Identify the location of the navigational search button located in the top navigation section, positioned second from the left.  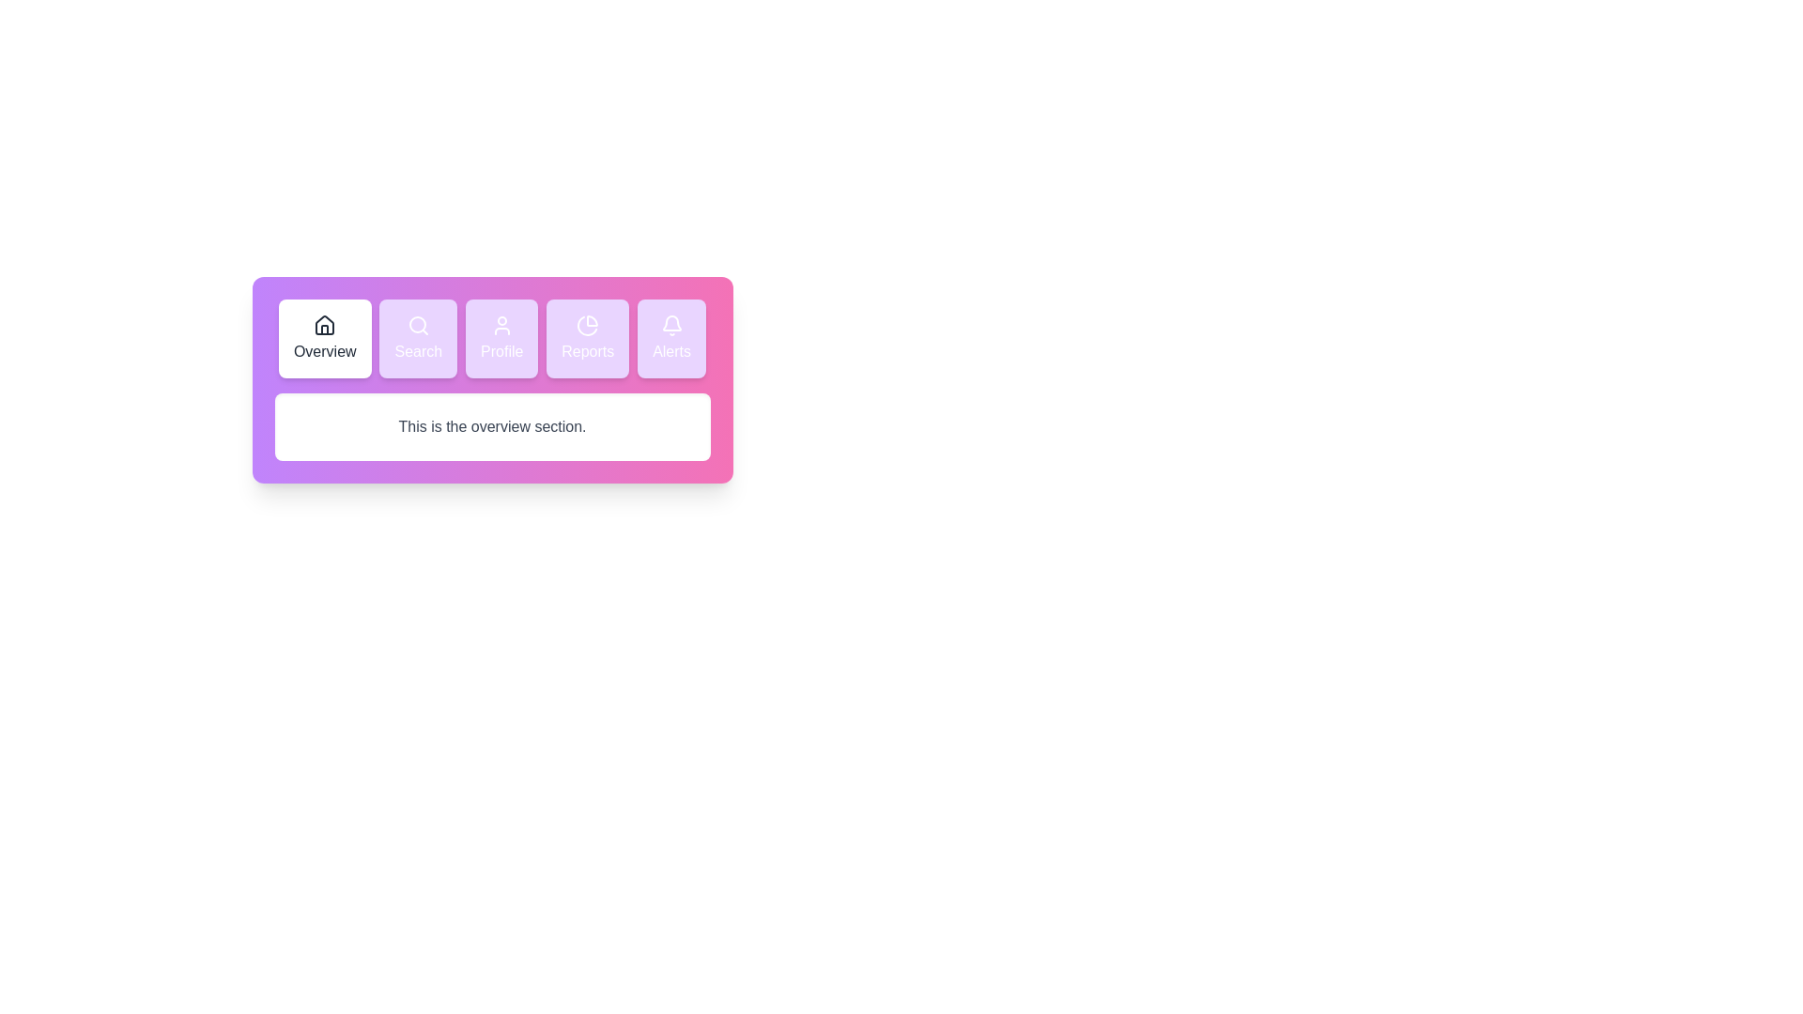
(417, 339).